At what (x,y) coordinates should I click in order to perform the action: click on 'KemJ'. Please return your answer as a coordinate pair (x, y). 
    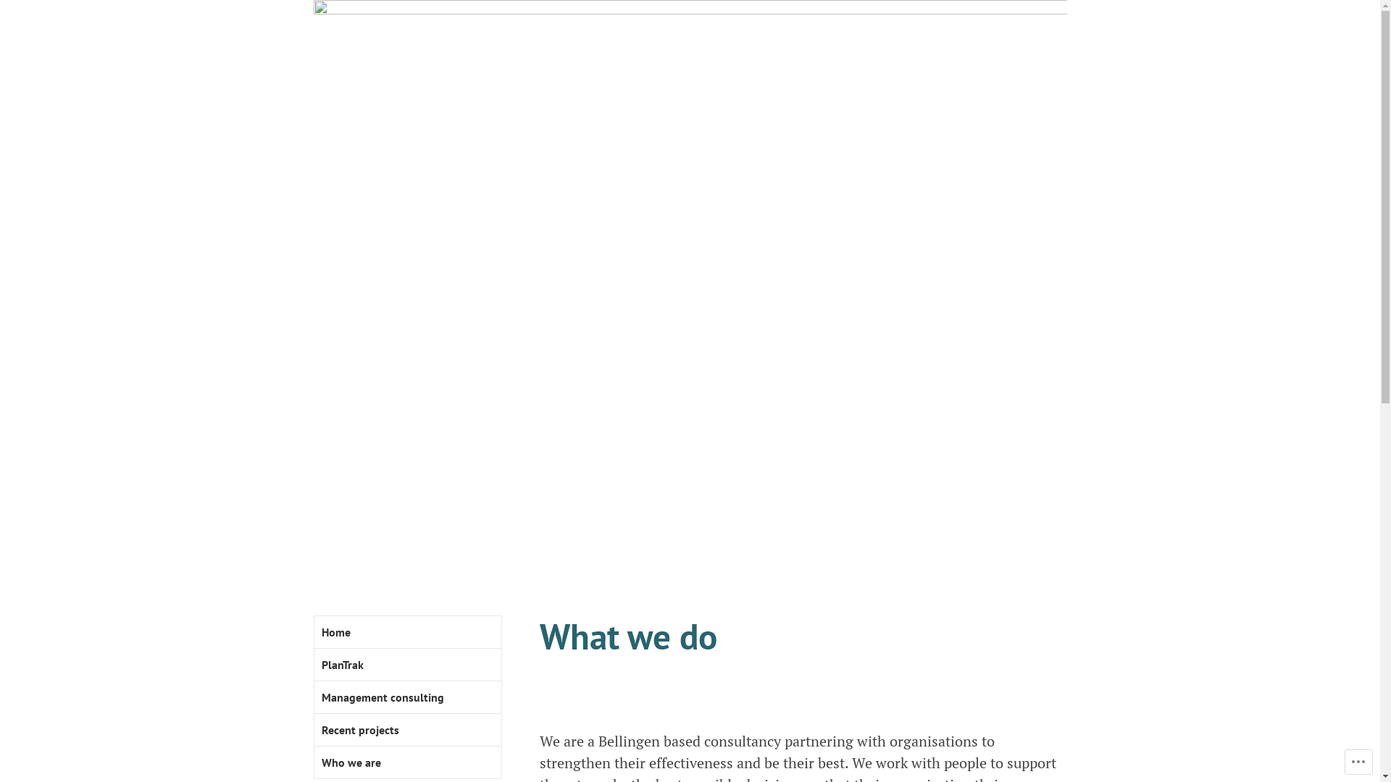
    Looking at the image, I should click on (538, 544).